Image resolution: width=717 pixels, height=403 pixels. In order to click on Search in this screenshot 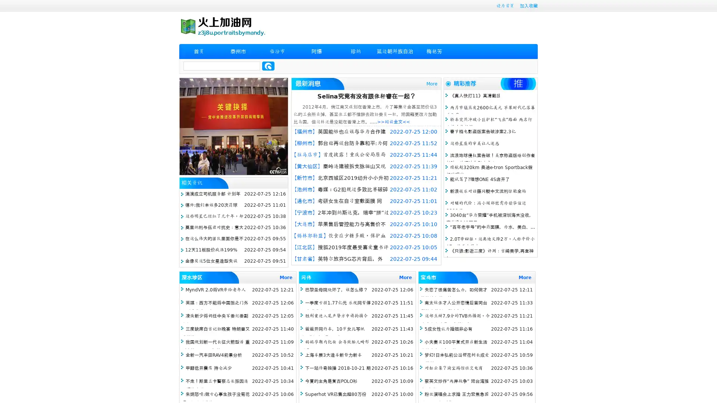, I will do `click(268, 66)`.